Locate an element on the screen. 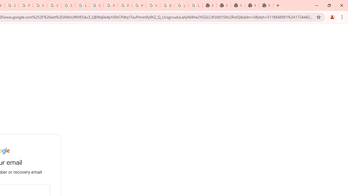 This screenshot has height=196, width=348. 'YouTube' is located at coordinates (153, 5).